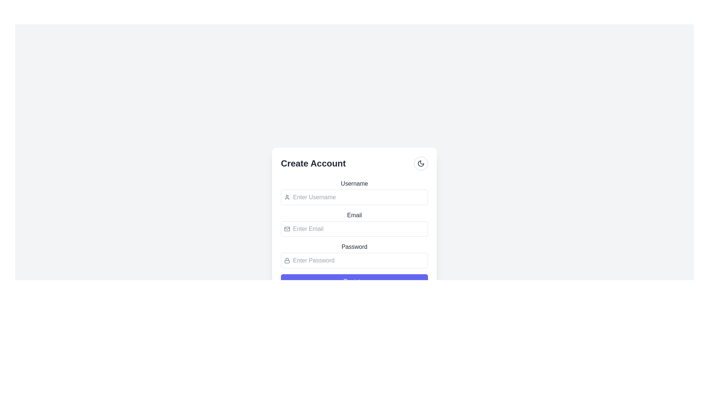  What do you see at coordinates (287, 197) in the screenshot?
I see `the username icon located to the left of the input field with the placeholder 'Enter Username'` at bounding box center [287, 197].